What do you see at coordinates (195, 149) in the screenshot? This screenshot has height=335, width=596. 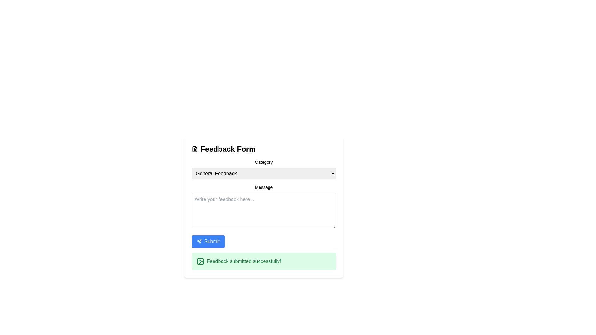 I see `the document icon component preceding the text 'Feedback Form' at the top of the form interface` at bounding box center [195, 149].